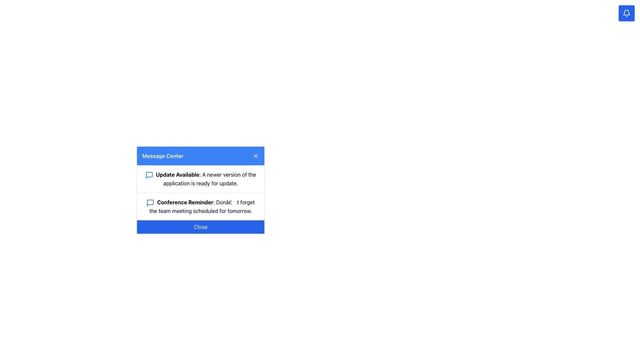 The image size is (640, 360). I want to click on the text block that provides information about the availability of a newer version of the application, located in the middle area of the 'Message Center' dialog box, so click(200, 178).